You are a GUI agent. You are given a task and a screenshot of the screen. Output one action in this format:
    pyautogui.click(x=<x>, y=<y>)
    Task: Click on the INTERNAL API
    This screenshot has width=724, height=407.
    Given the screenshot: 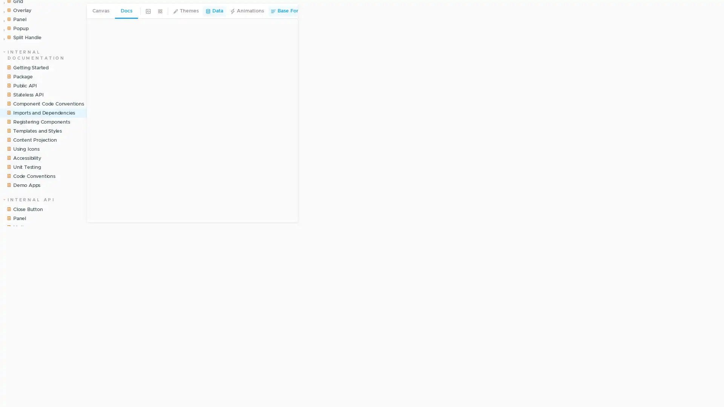 What is the action you would take?
    pyautogui.click(x=29, y=236)
    